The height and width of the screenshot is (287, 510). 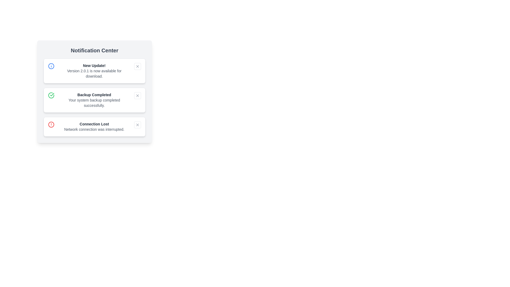 I want to click on the success status icon located inside the second notification card, to the left of the text 'Backup Completed' in the Notification Center, so click(x=51, y=95).